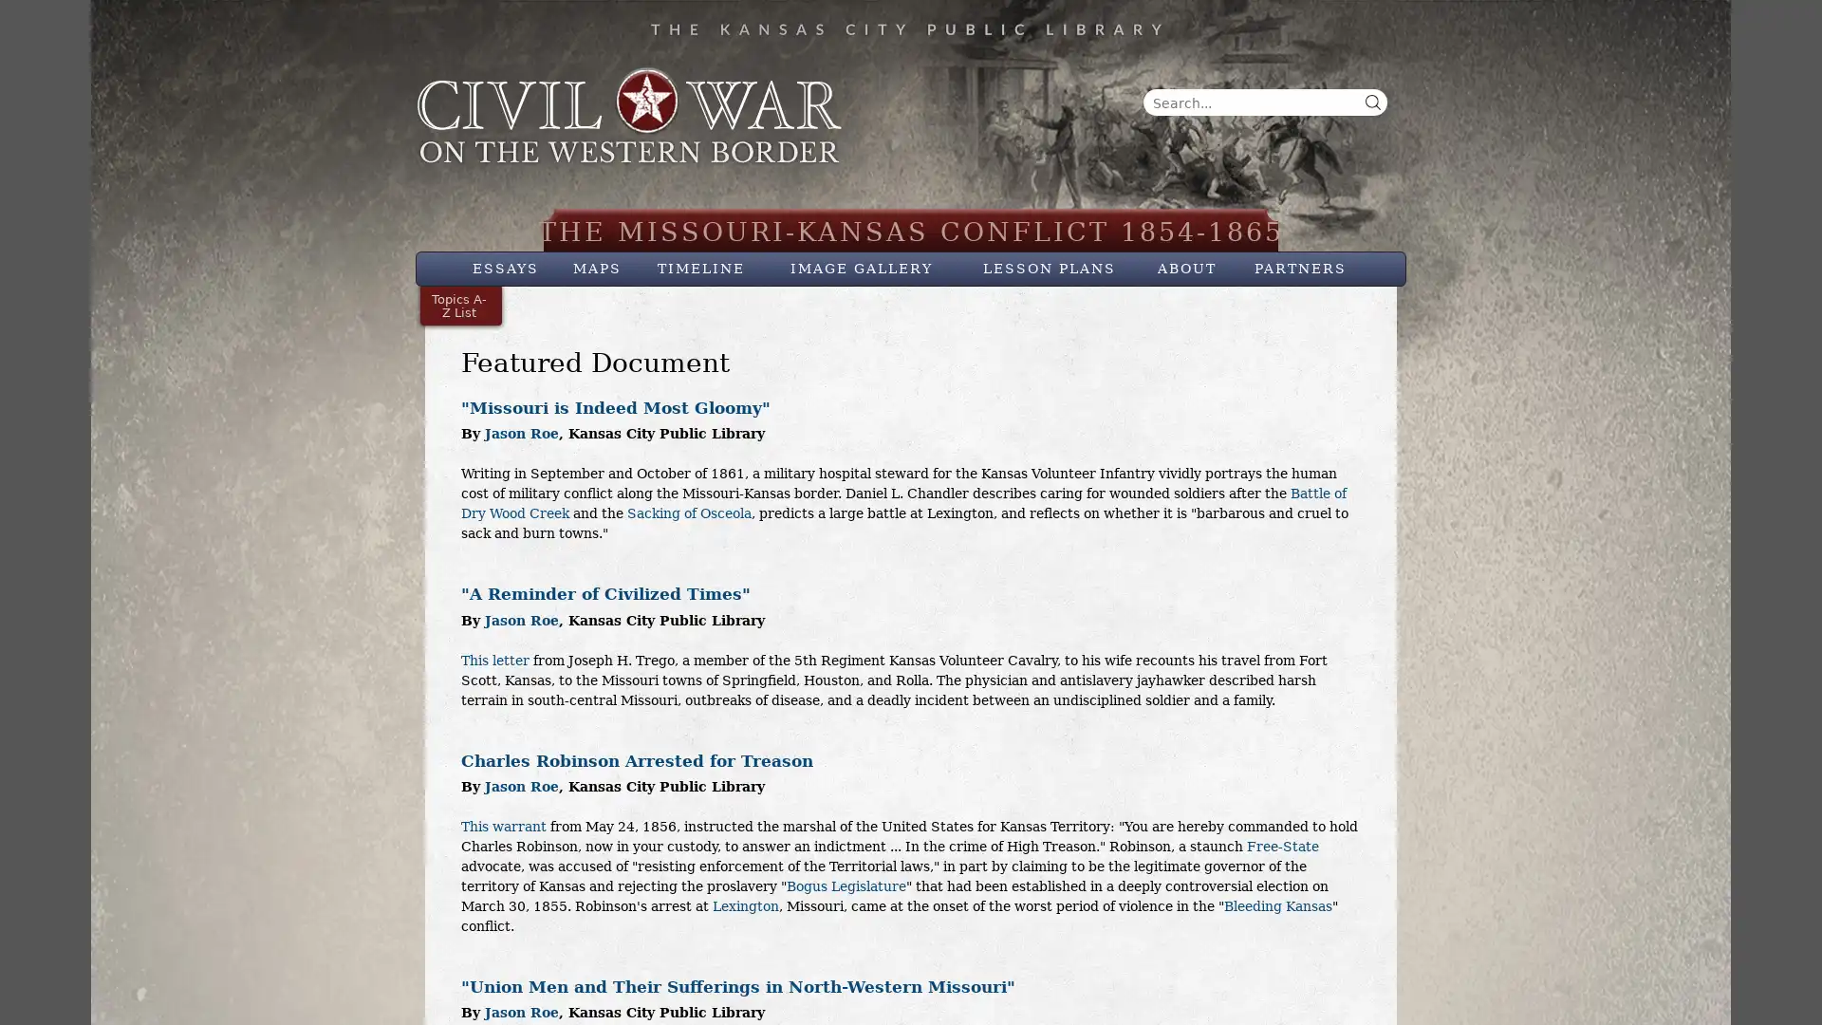  What do you see at coordinates (1375, 102) in the screenshot?
I see `Search` at bounding box center [1375, 102].